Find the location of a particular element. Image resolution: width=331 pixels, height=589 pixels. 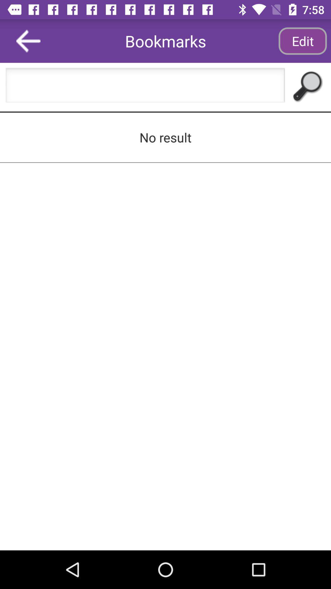

the icon at the top left corner is located at coordinates (28, 40).